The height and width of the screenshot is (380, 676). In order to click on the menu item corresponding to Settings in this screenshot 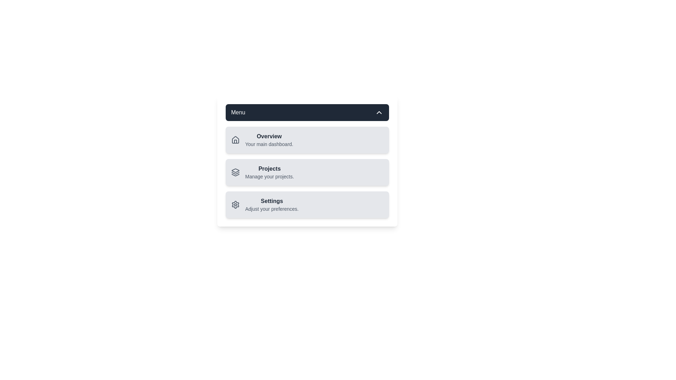, I will do `click(264, 205)`.